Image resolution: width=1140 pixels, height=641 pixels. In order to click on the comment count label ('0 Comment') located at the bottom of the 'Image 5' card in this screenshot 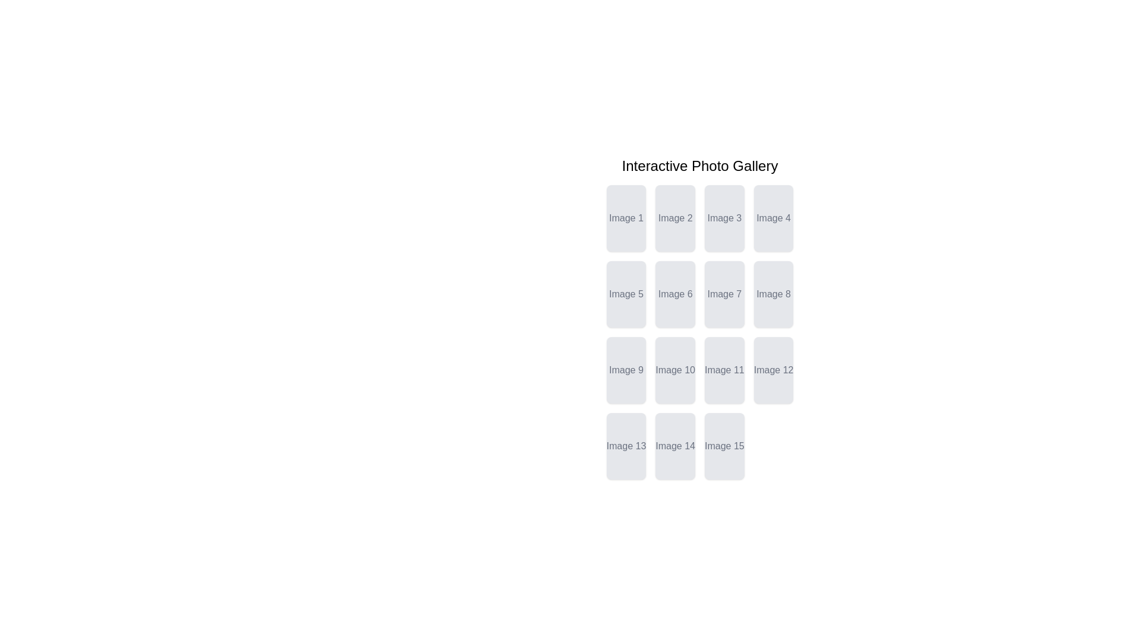, I will do `click(625, 303)`.